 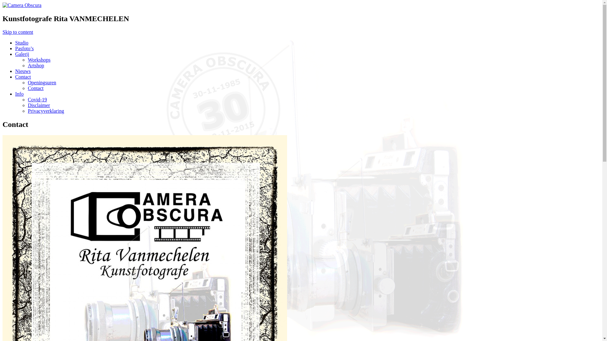 I want to click on 'Workshops', so click(x=39, y=60).